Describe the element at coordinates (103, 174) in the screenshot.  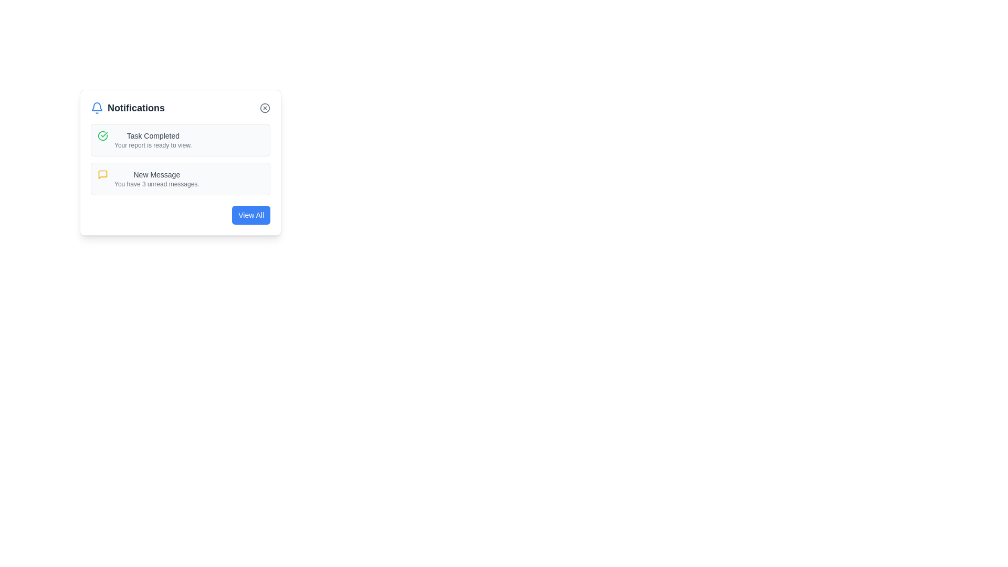
I see `the message bubble icon with a yellow outline, located to the left of the 'New Message' text in the notification section` at that location.